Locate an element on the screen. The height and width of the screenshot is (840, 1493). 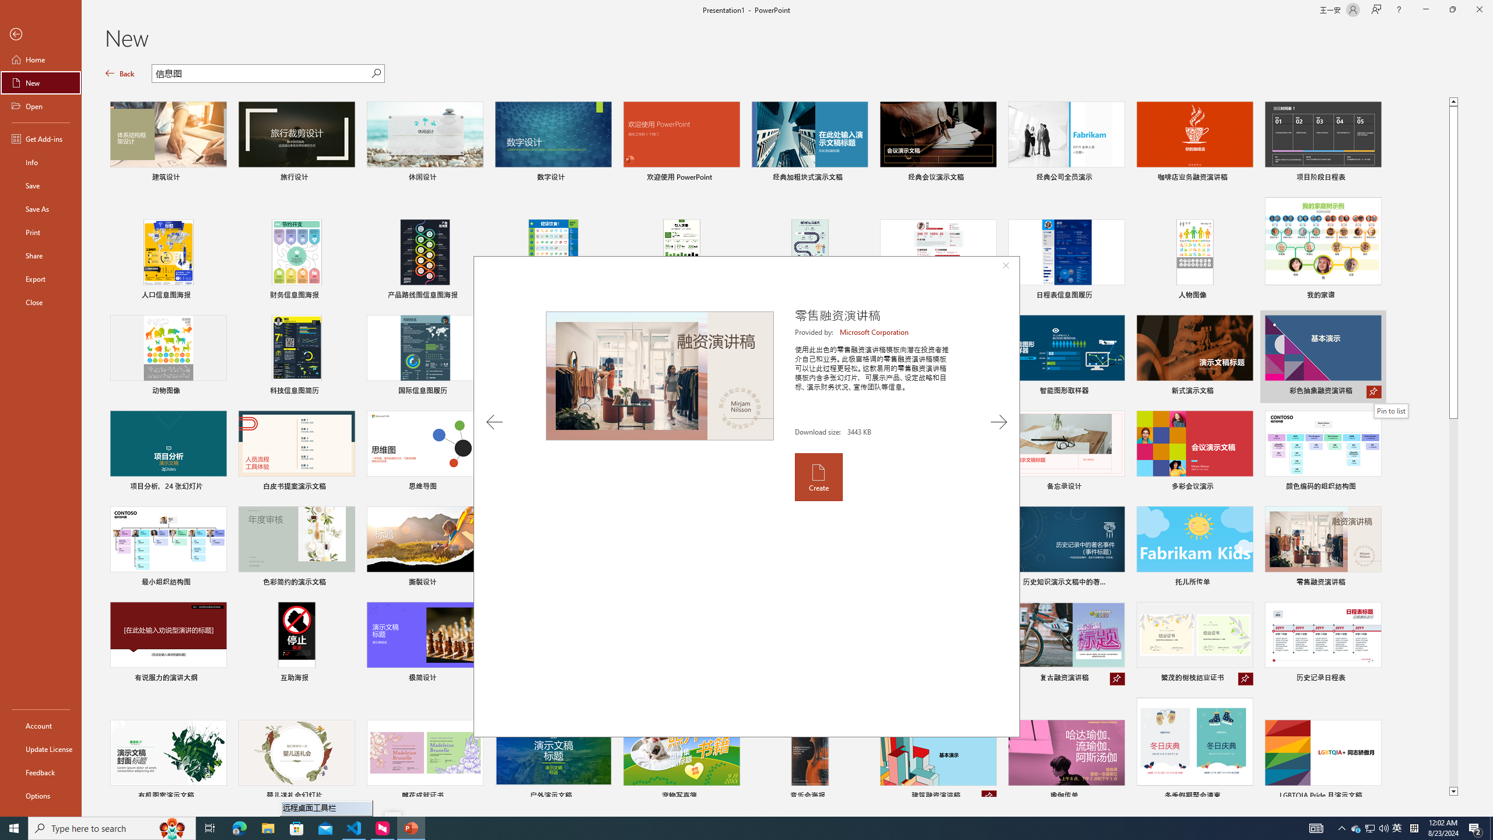
'Search for online templates and themes' is located at coordinates (261, 74).